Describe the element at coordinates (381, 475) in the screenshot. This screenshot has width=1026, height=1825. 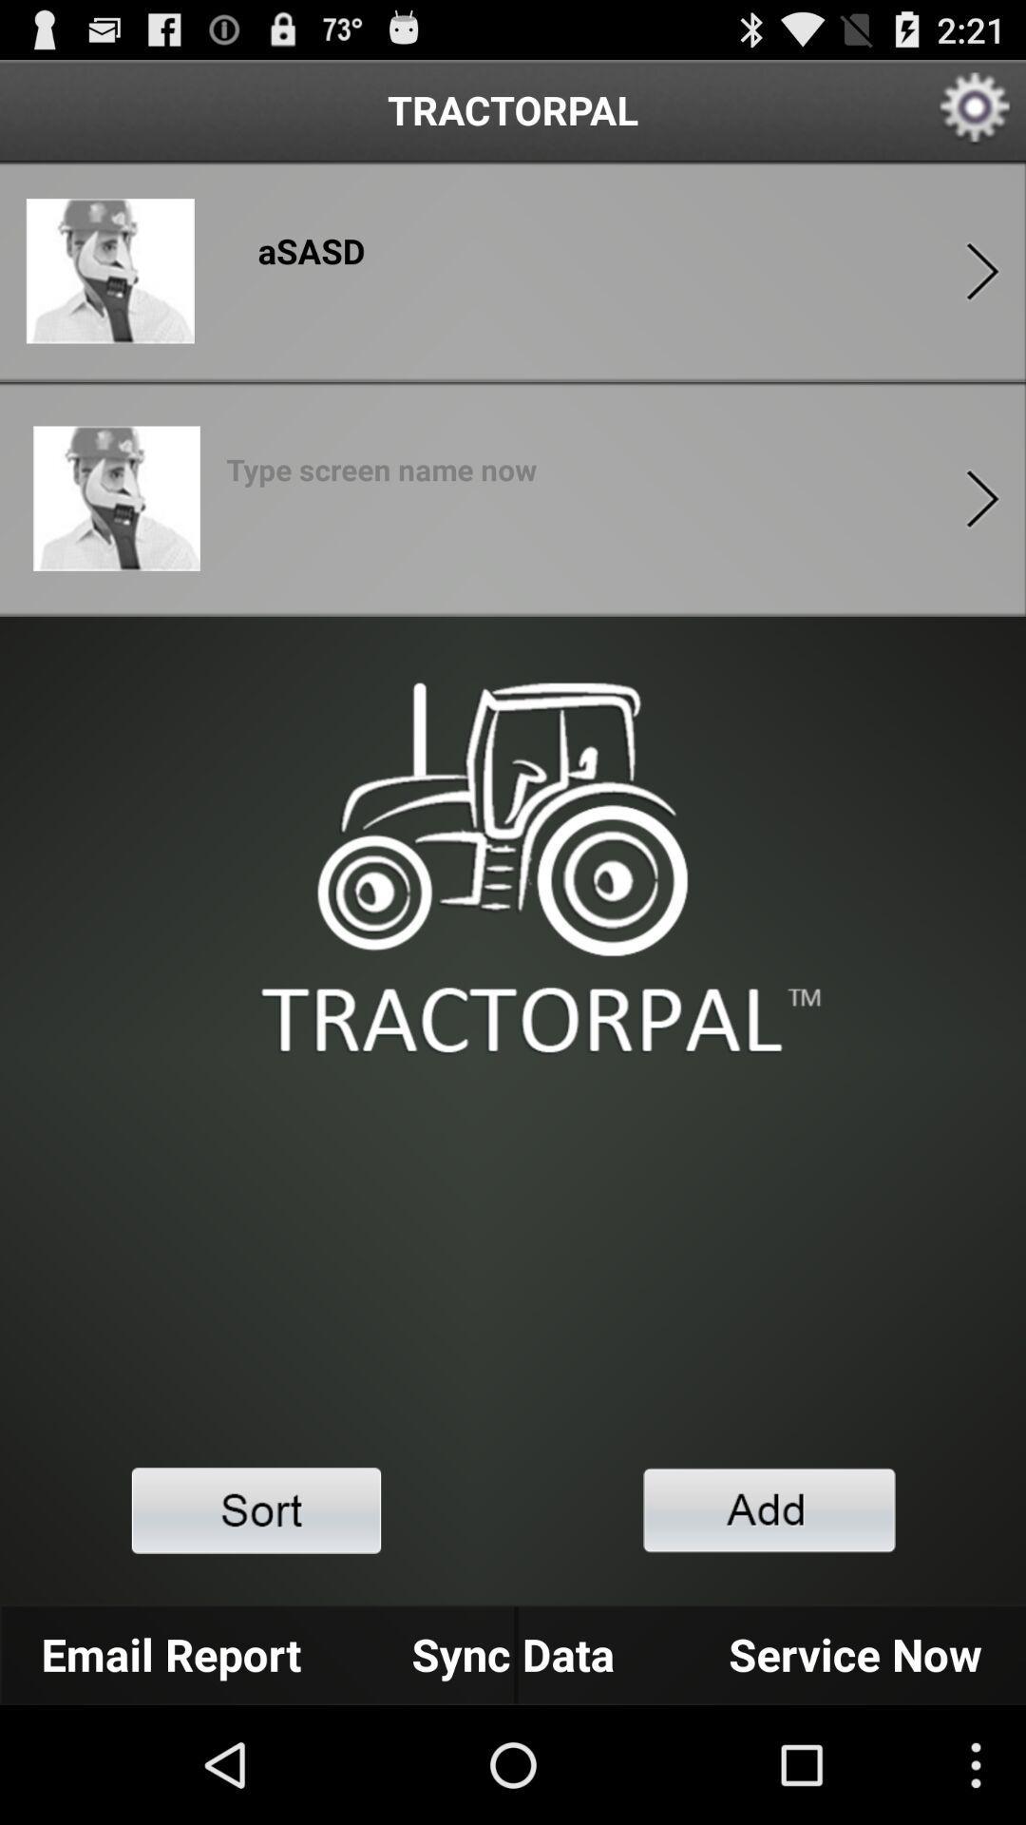
I see `input screen name` at that location.